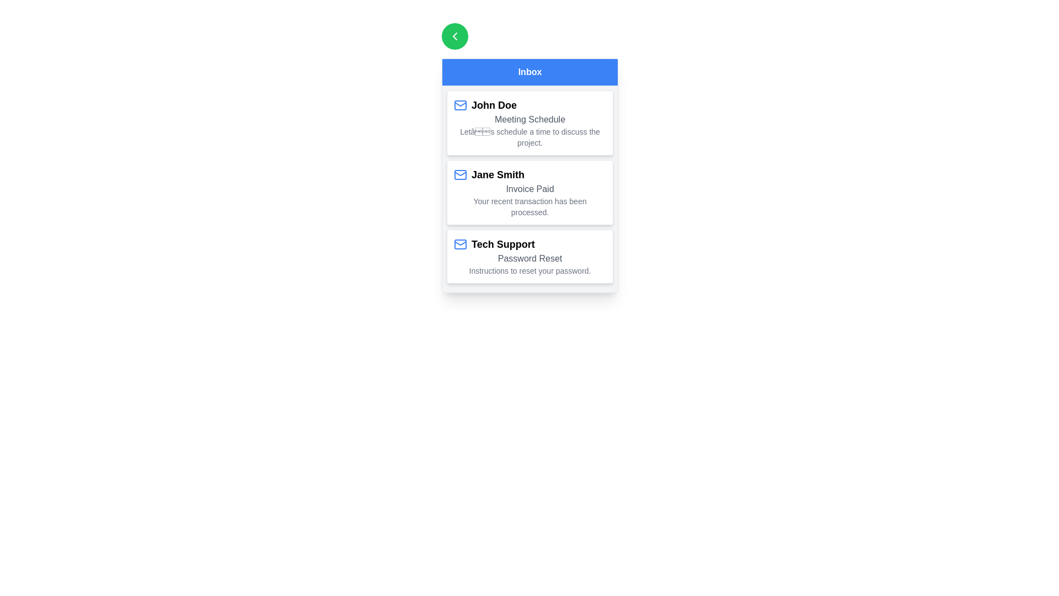  What do you see at coordinates (529, 257) in the screenshot?
I see `the email item corresponding to Tech Support` at bounding box center [529, 257].